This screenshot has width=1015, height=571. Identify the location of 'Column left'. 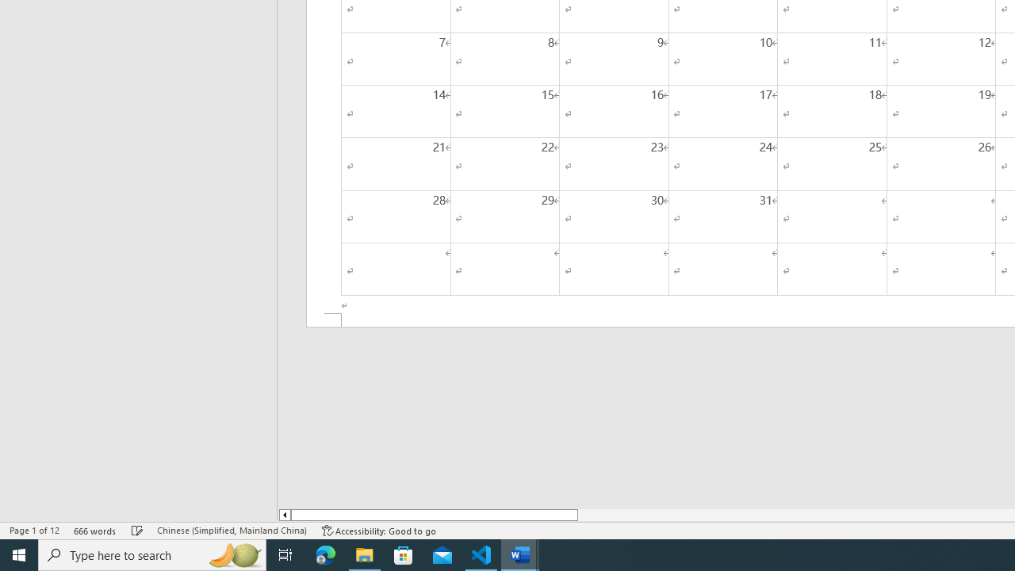
(284, 515).